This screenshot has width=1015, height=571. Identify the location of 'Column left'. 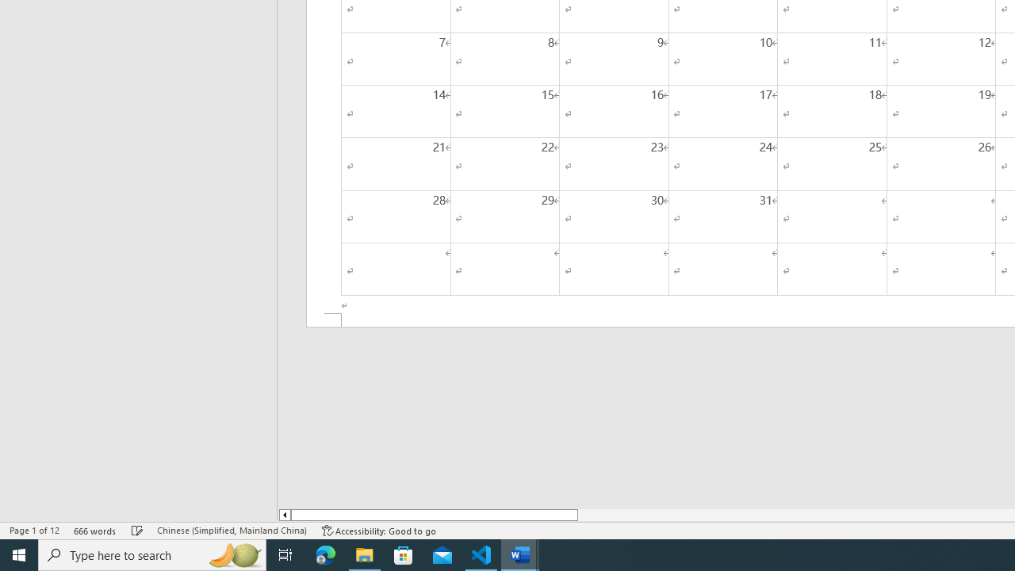
(284, 515).